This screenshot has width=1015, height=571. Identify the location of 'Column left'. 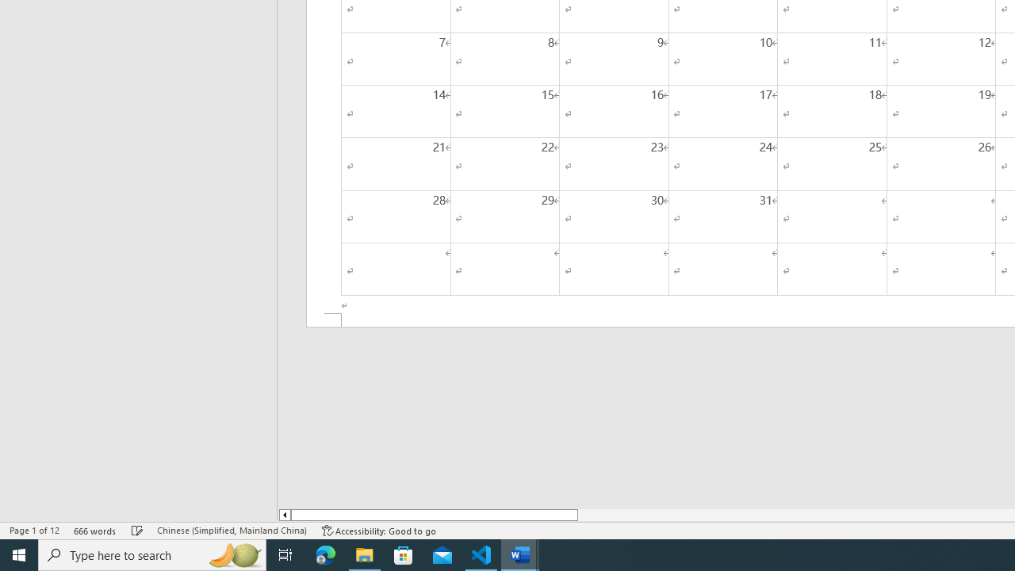
(284, 515).